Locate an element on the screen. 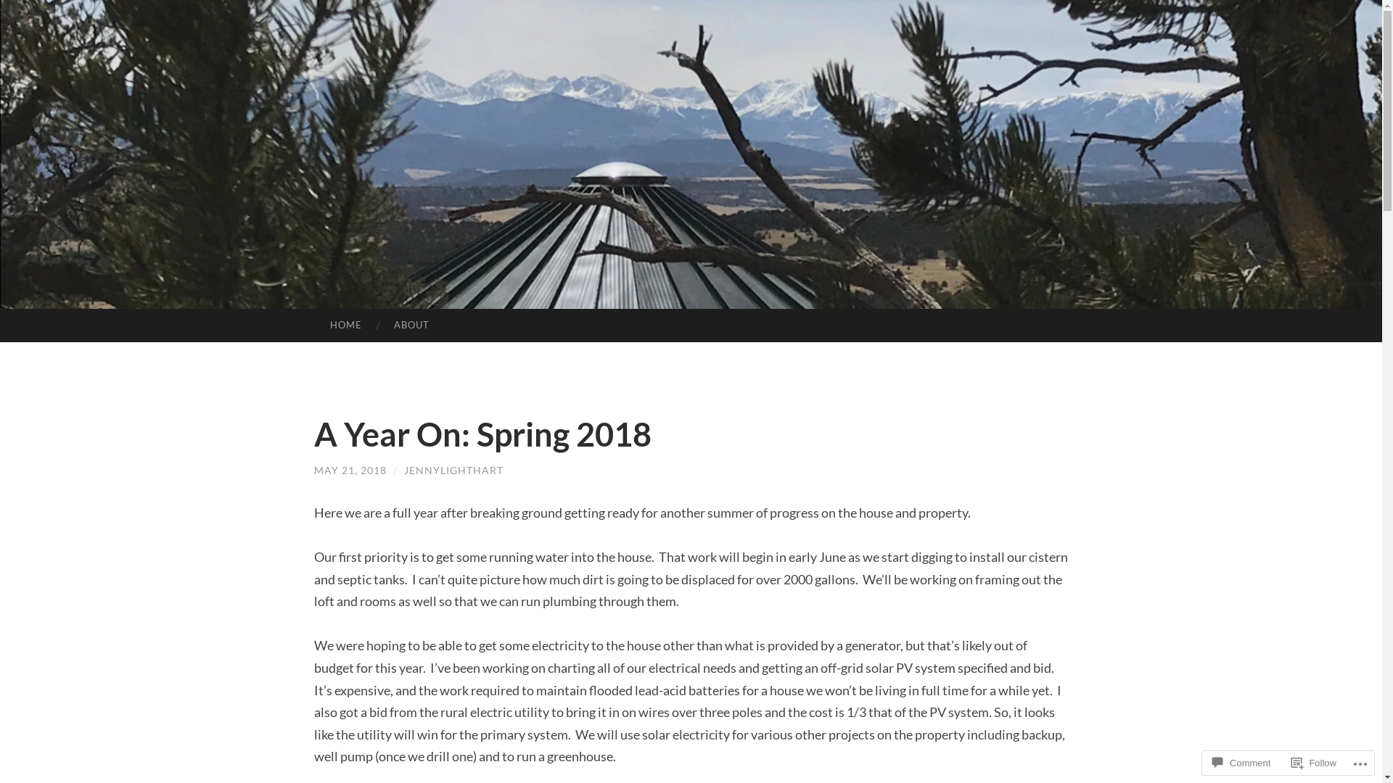  'Follow' is located at coordinates (1285, 762).